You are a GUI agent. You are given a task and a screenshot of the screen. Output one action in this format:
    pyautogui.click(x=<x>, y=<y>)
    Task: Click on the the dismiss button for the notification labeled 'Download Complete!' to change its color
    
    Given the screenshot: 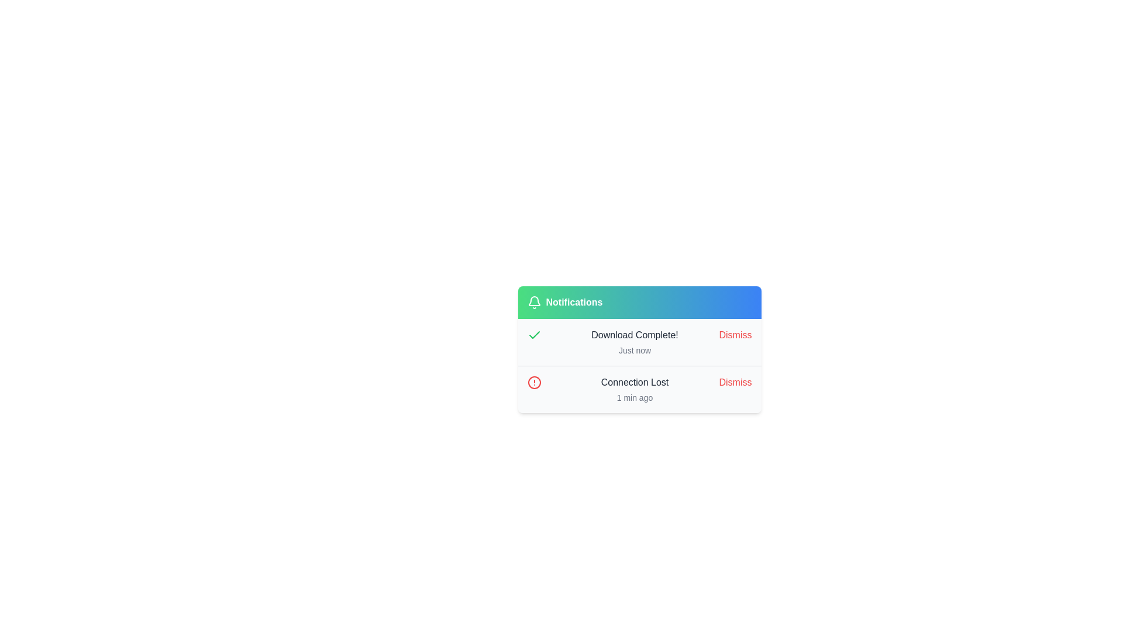 What is the action you would take?
    pyautogui.click(x=735, y=335)
    